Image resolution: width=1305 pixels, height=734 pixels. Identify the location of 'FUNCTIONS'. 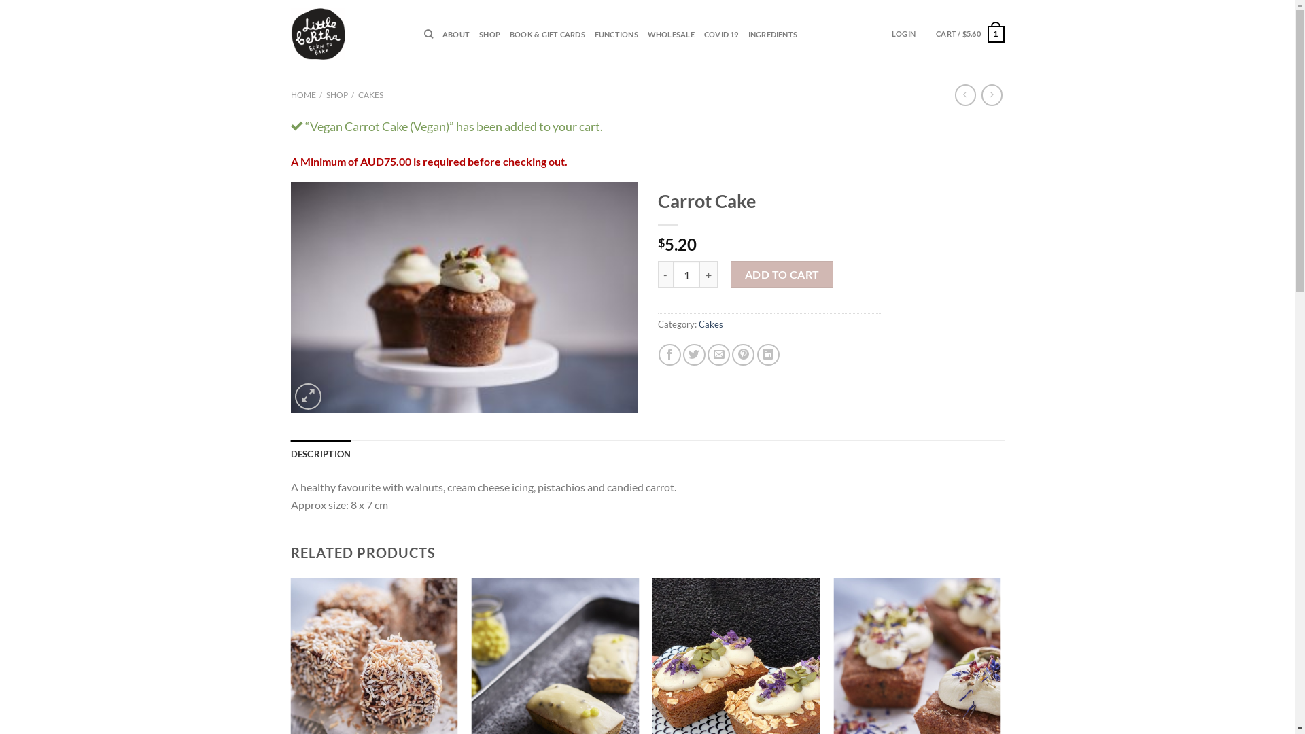
(594, 33).